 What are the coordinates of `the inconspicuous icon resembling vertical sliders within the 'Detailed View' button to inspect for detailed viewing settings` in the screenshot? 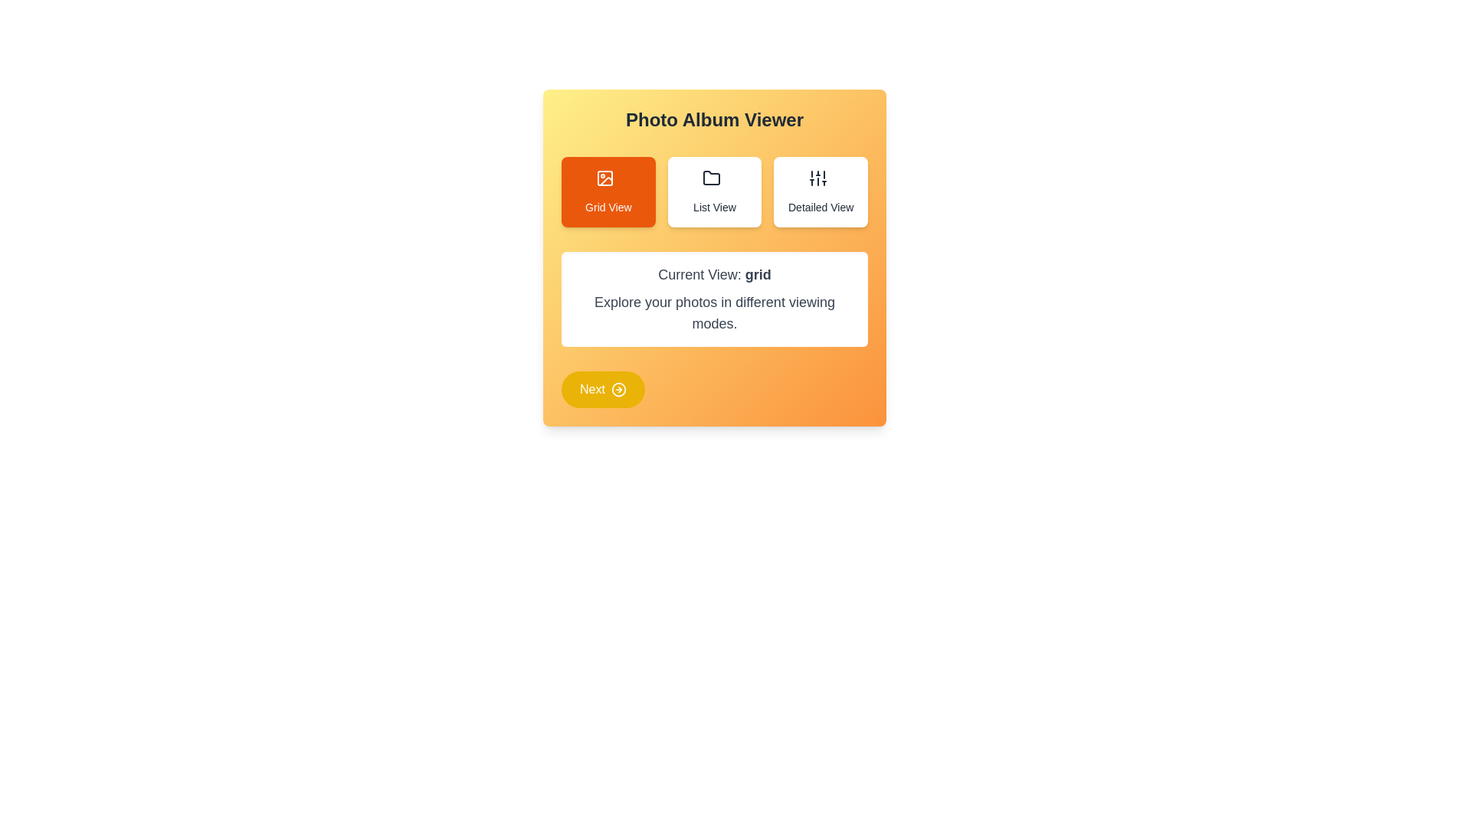 It's located at (820, 180).